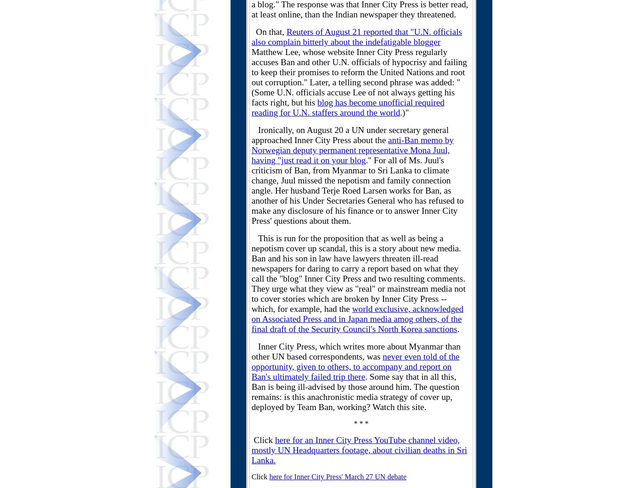  Describe the element at coordinates (404, 112) in the screenshot. I see `'.)"'` at that location.